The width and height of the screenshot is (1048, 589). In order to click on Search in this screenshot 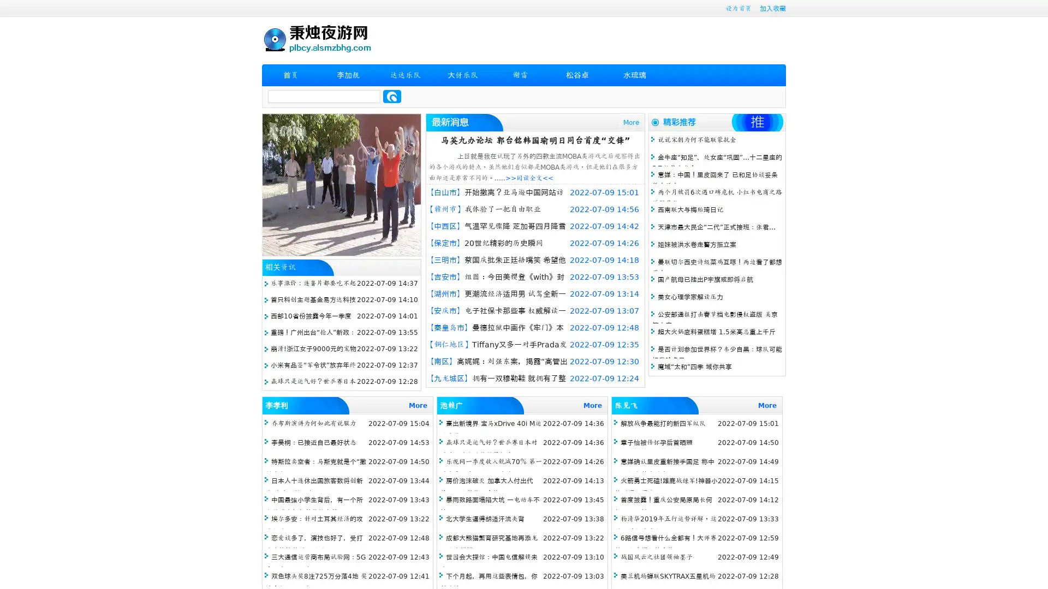, I will do `click(392, 96)`.